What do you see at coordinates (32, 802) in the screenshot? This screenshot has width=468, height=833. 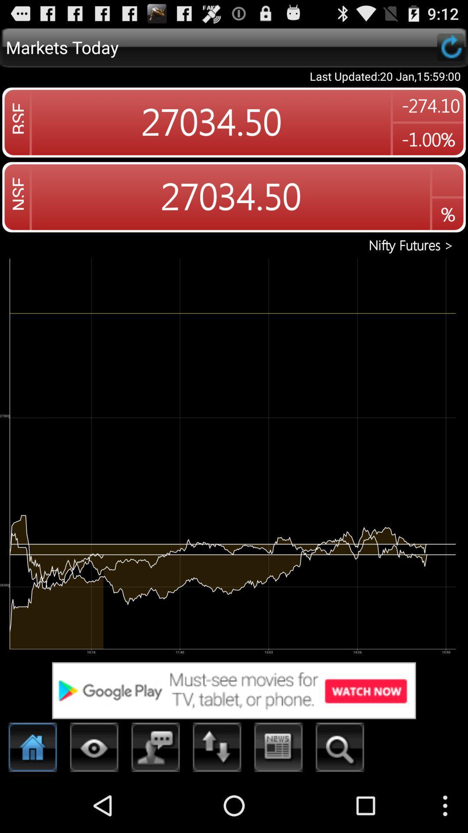 I see `the home icon` at bounding box center [32, 802].